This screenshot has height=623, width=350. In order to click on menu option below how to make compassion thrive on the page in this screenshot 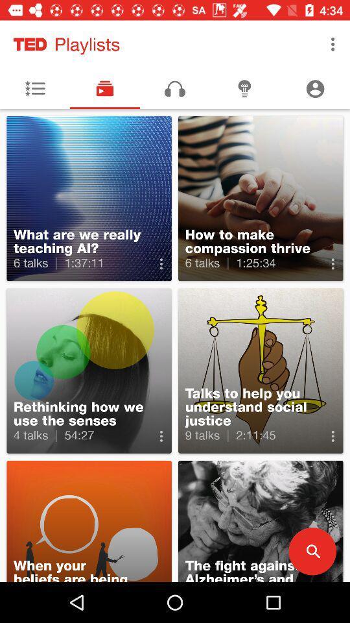, I will do `click(333, 263)`.